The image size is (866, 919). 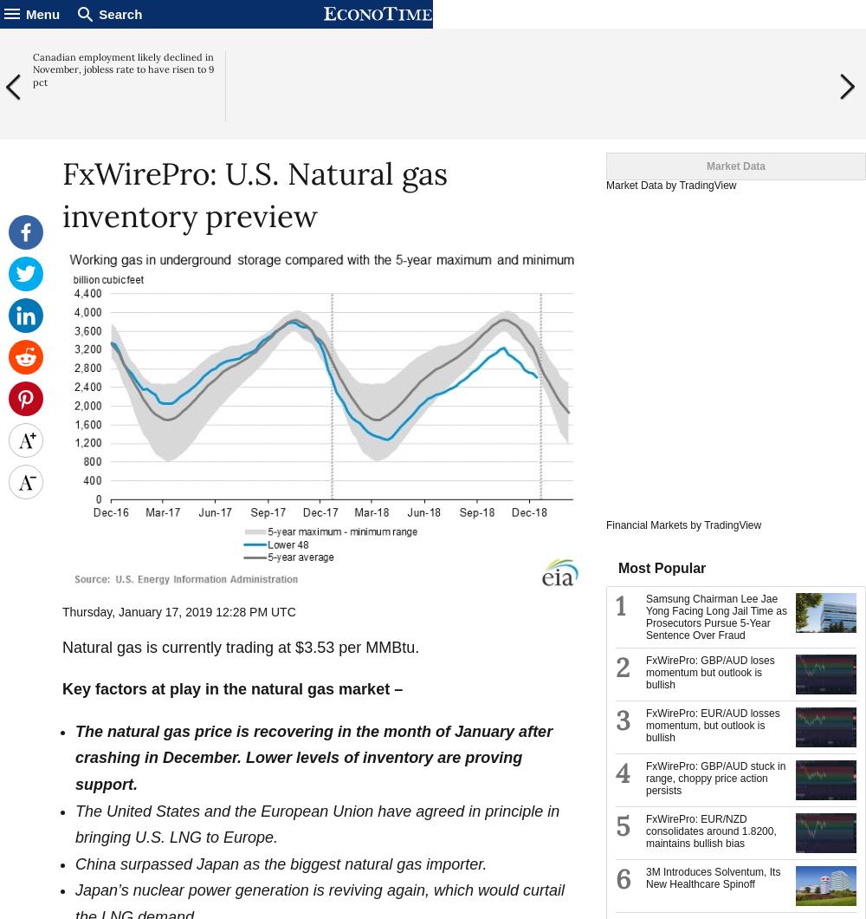 What do you see at coordinates (645, 877) in the screenshot?
I see `'3M Introduces Solventum, Its New Healthcare Spinoff'` at bounding box center [645, 877].